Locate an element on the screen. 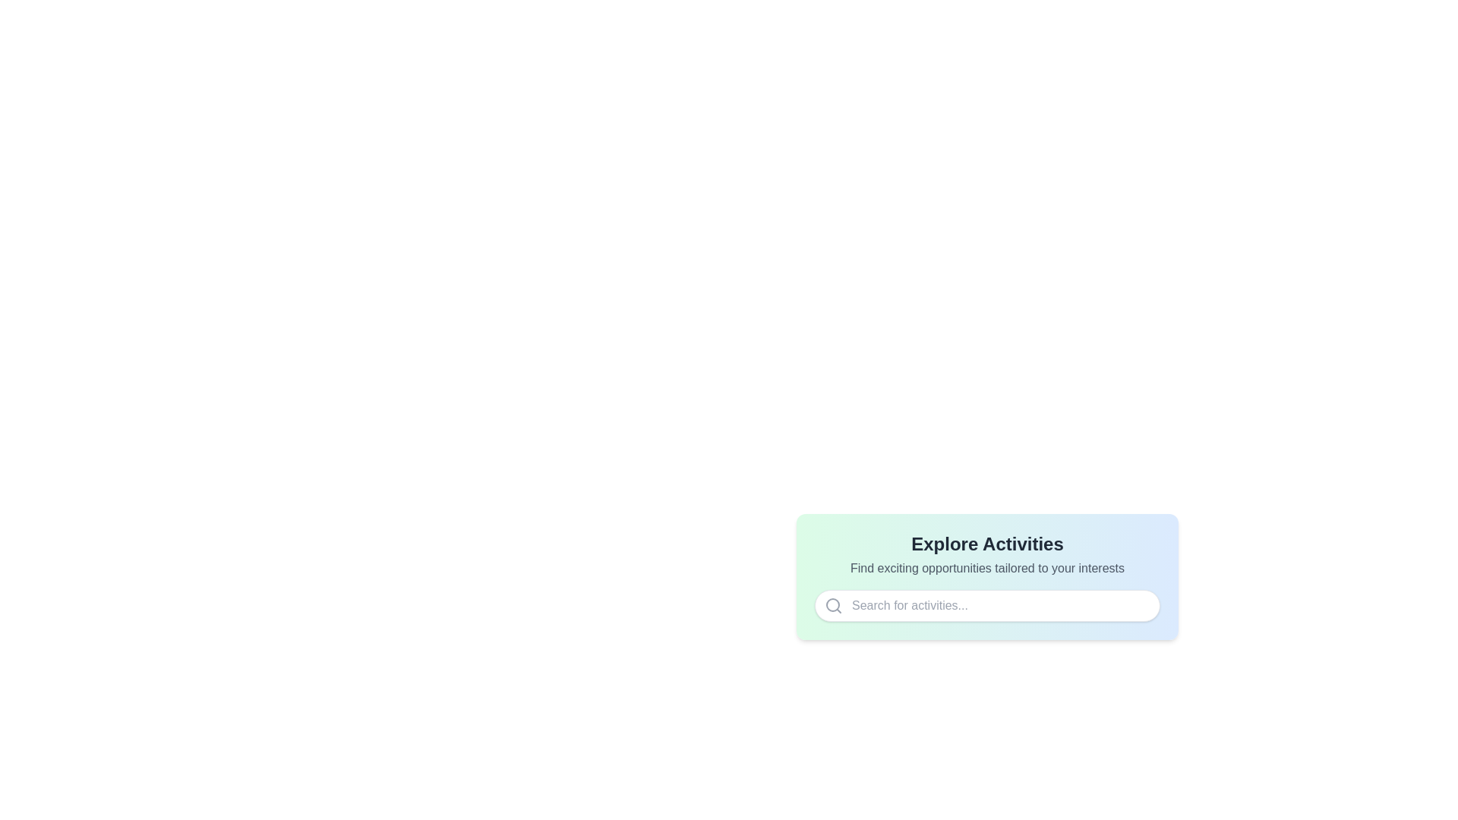  the circular handle of the magnifying glass icon, which is positioned to the left of the search bar text input field is located at coordinates (832, 604).